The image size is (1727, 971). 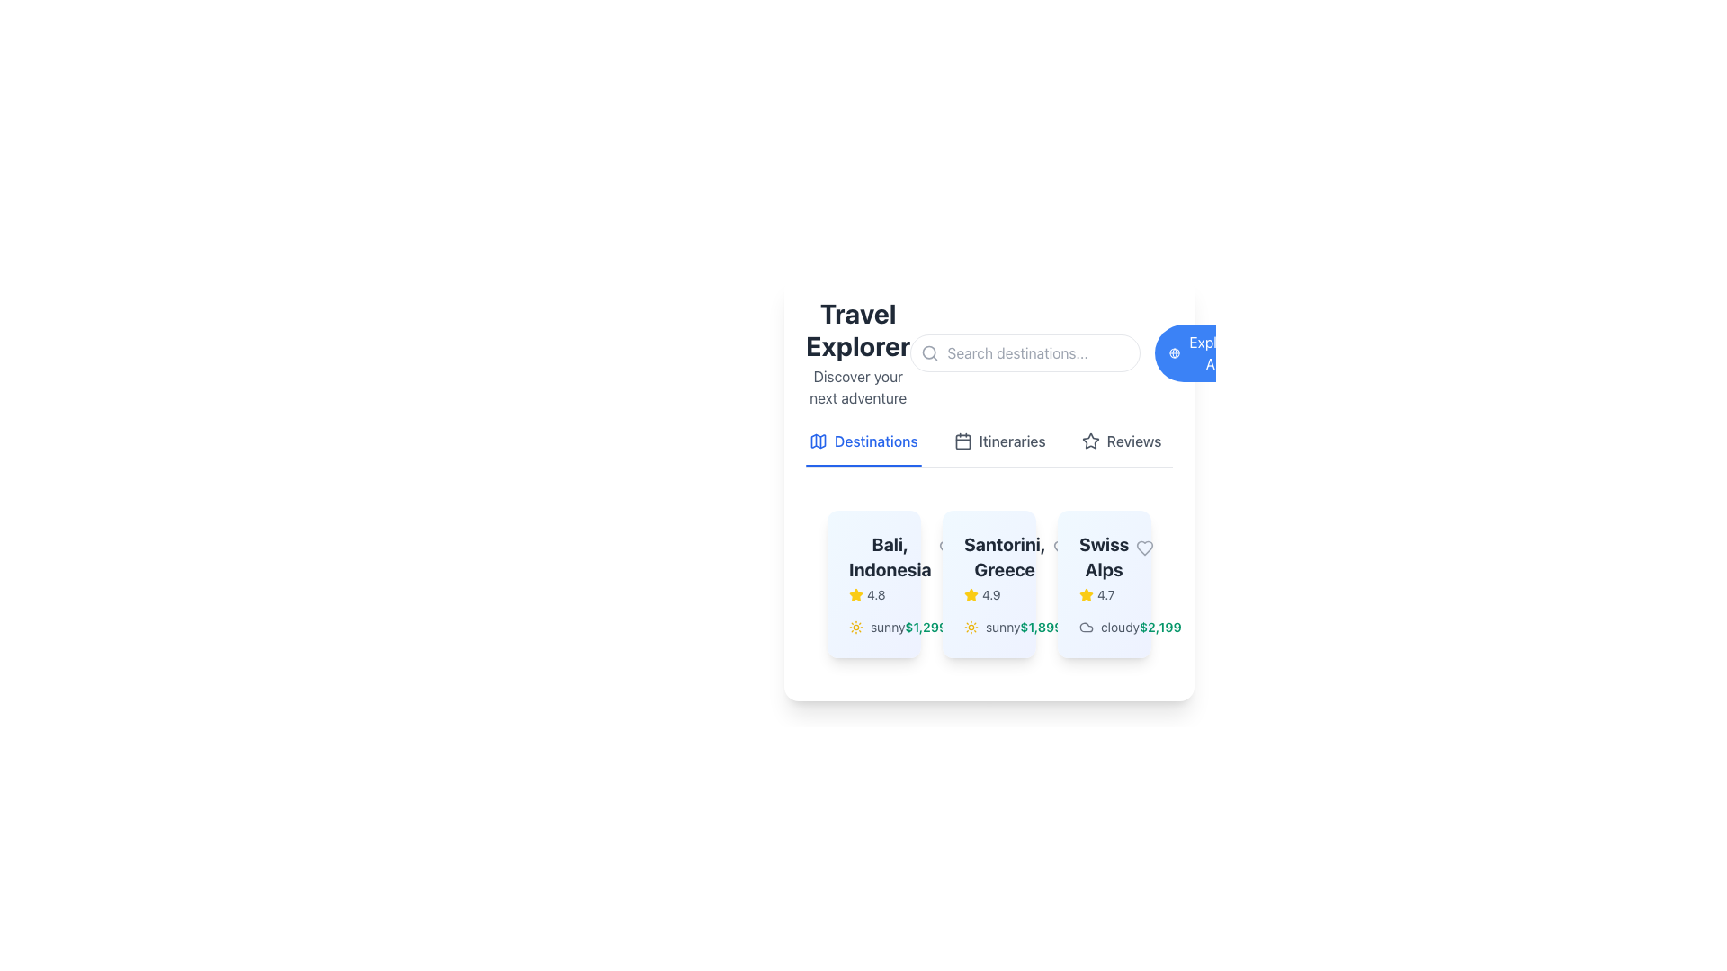 I want to click on the heart icon located in the top-right corner of the 'Swiss Alps' card to mark it as favorite or like, so click(x=1144, y=547).